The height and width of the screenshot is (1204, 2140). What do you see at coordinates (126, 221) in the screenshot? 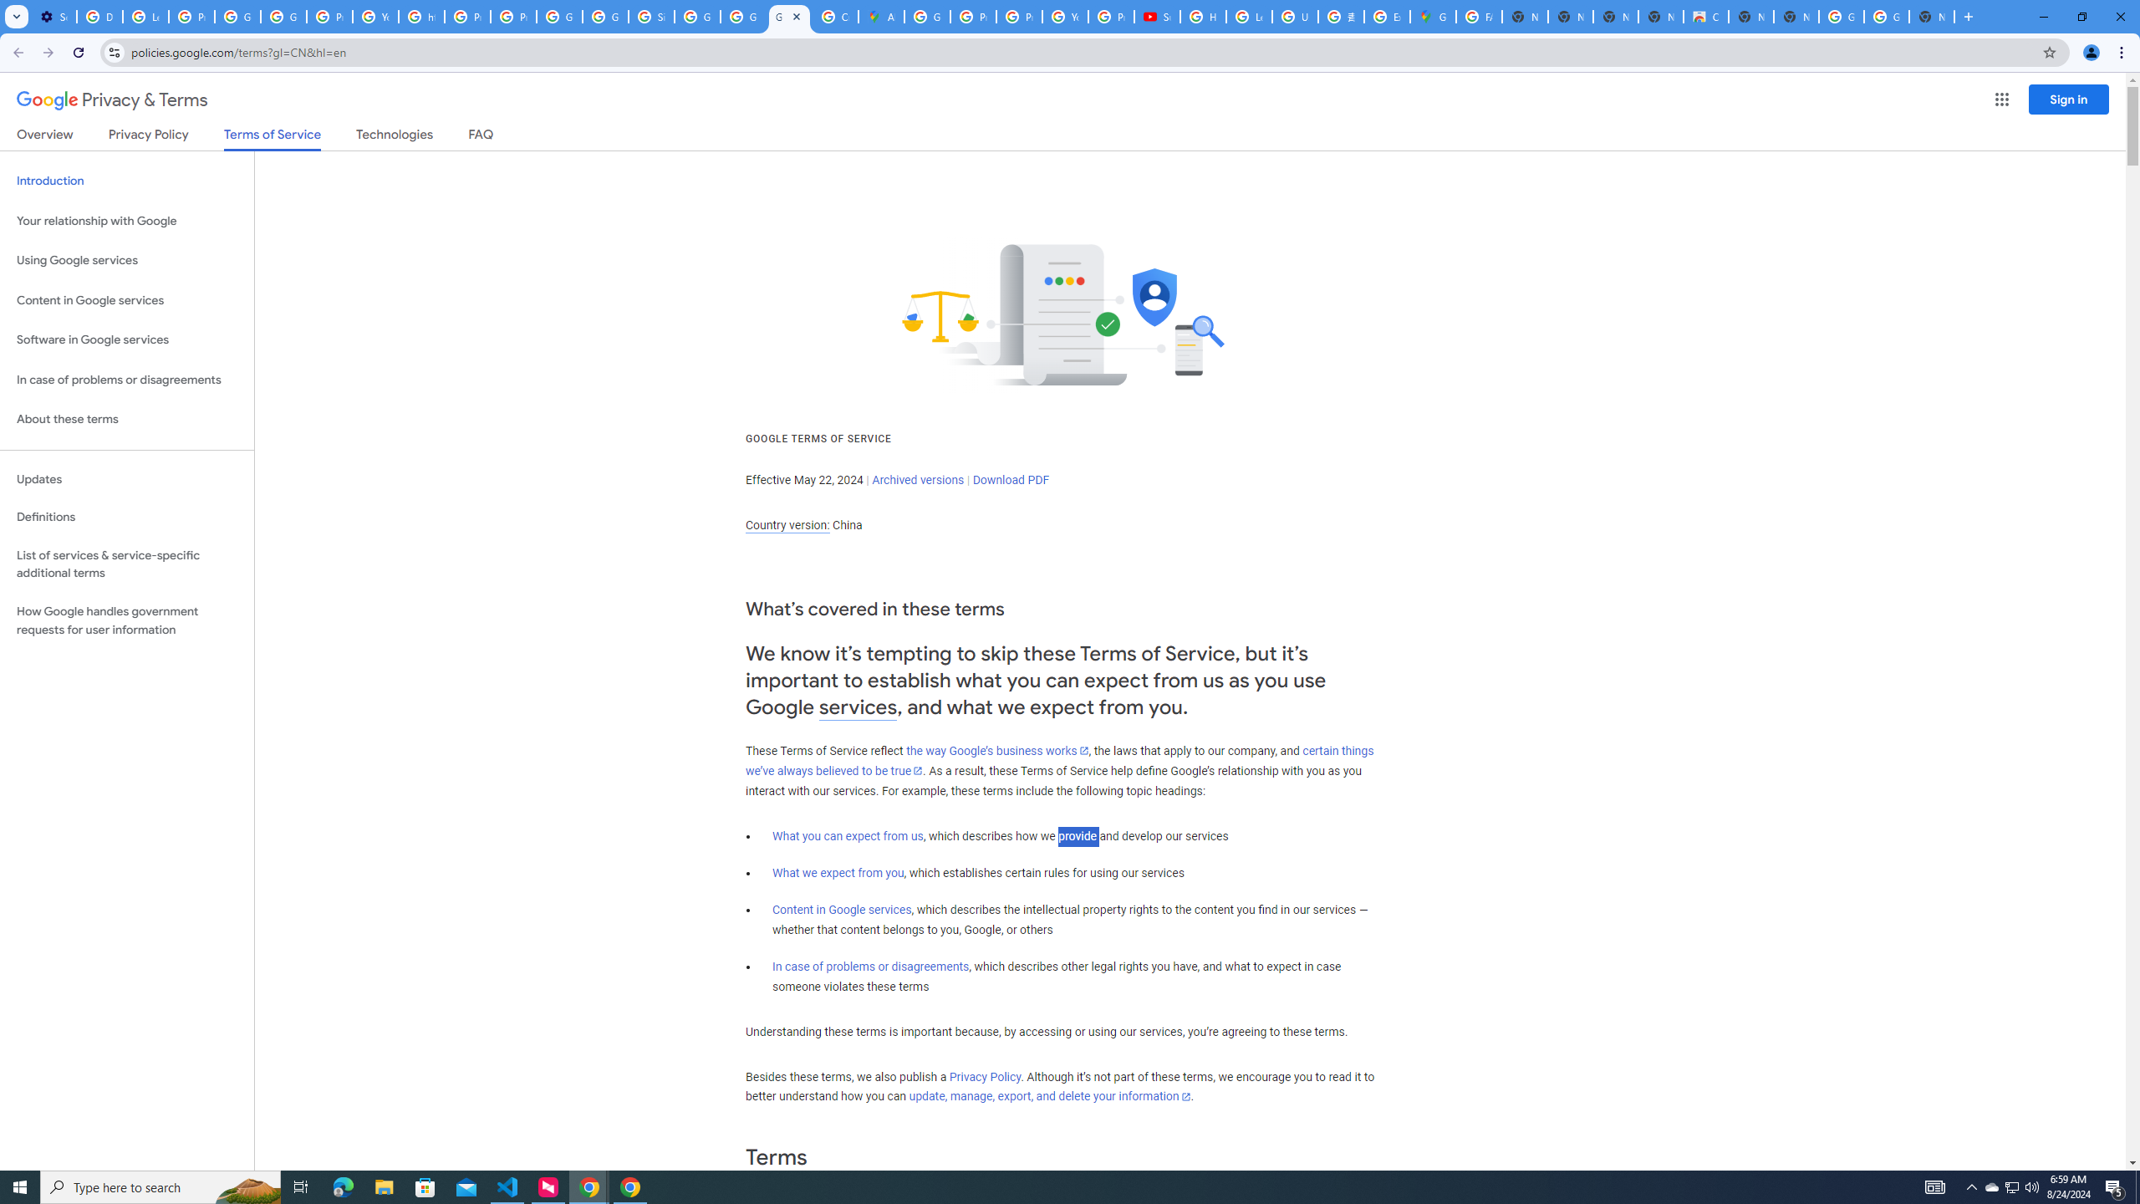
I see `'Your relationship with Google'` at bounding box center [126, 221].